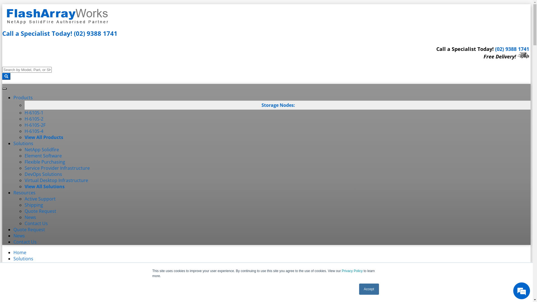 This screenshot has width=537, height=302. I want to click on 'View All Solutions', so click(44, 187).